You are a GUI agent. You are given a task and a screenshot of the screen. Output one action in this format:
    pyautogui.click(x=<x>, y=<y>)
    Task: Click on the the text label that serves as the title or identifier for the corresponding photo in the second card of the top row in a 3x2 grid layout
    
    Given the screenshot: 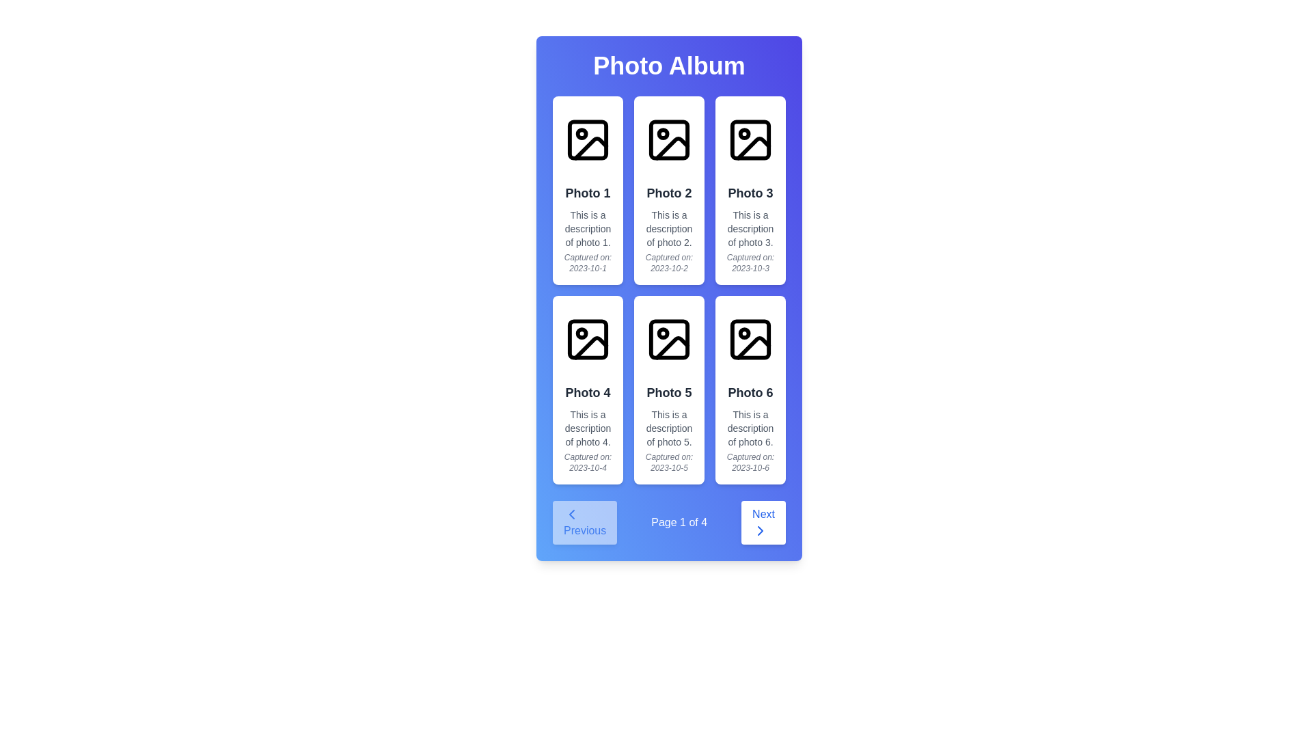 What is the action you would take?
    pyautogui.click(x=669, y=193)
    